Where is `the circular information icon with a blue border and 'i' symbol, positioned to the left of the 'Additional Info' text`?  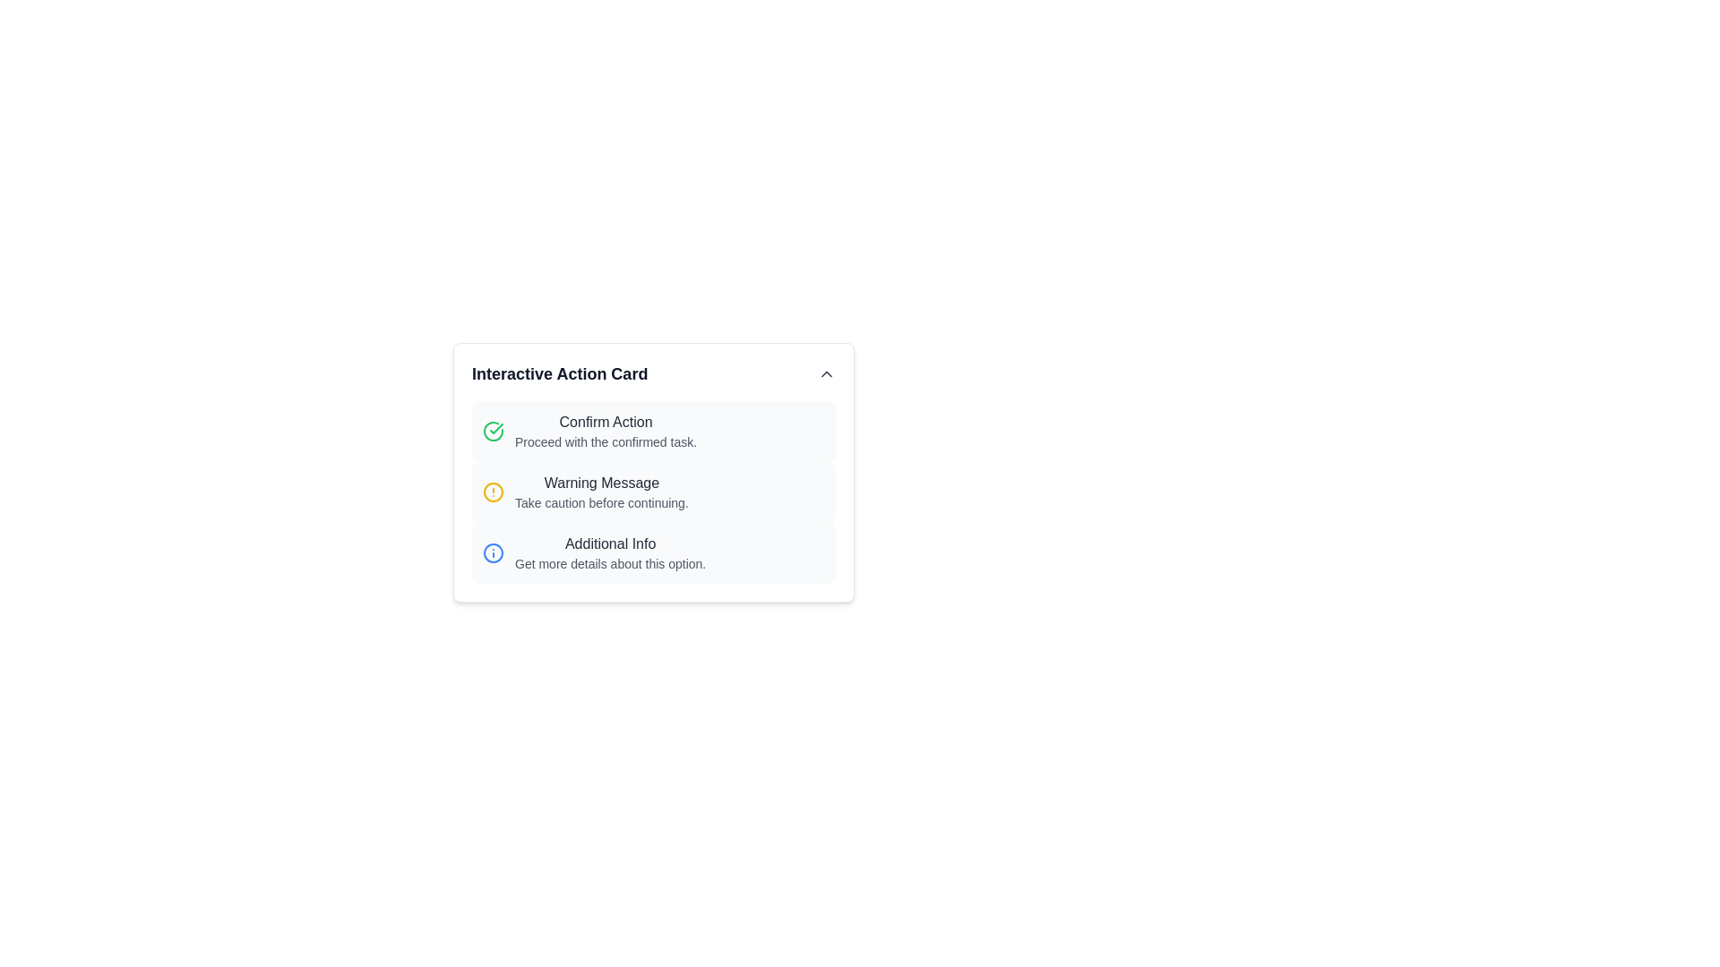 the circular information icon with a blue border and 'i' symbol, positioned to the left of the 'Additional Info' text is located at coordinates (494, 552).